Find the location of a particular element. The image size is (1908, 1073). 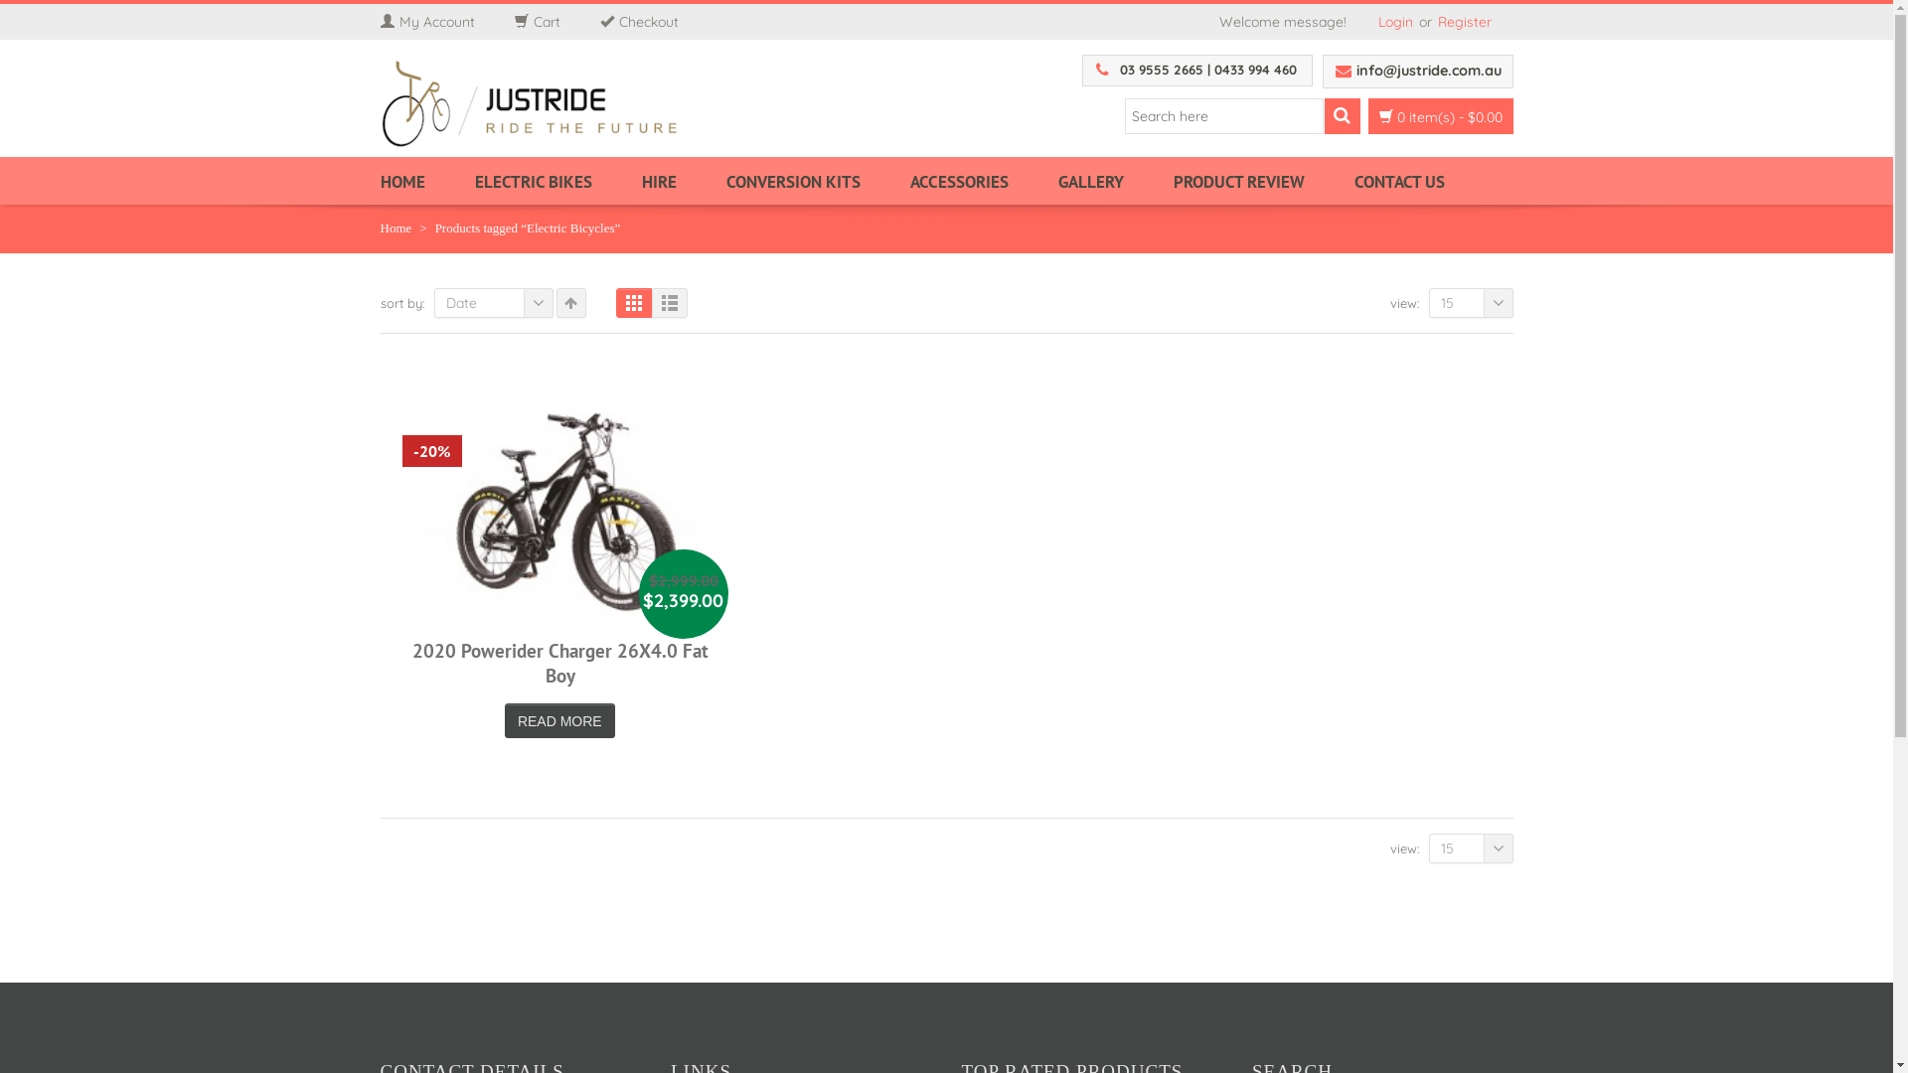

'Cart' is located at coordinates (556, 22).